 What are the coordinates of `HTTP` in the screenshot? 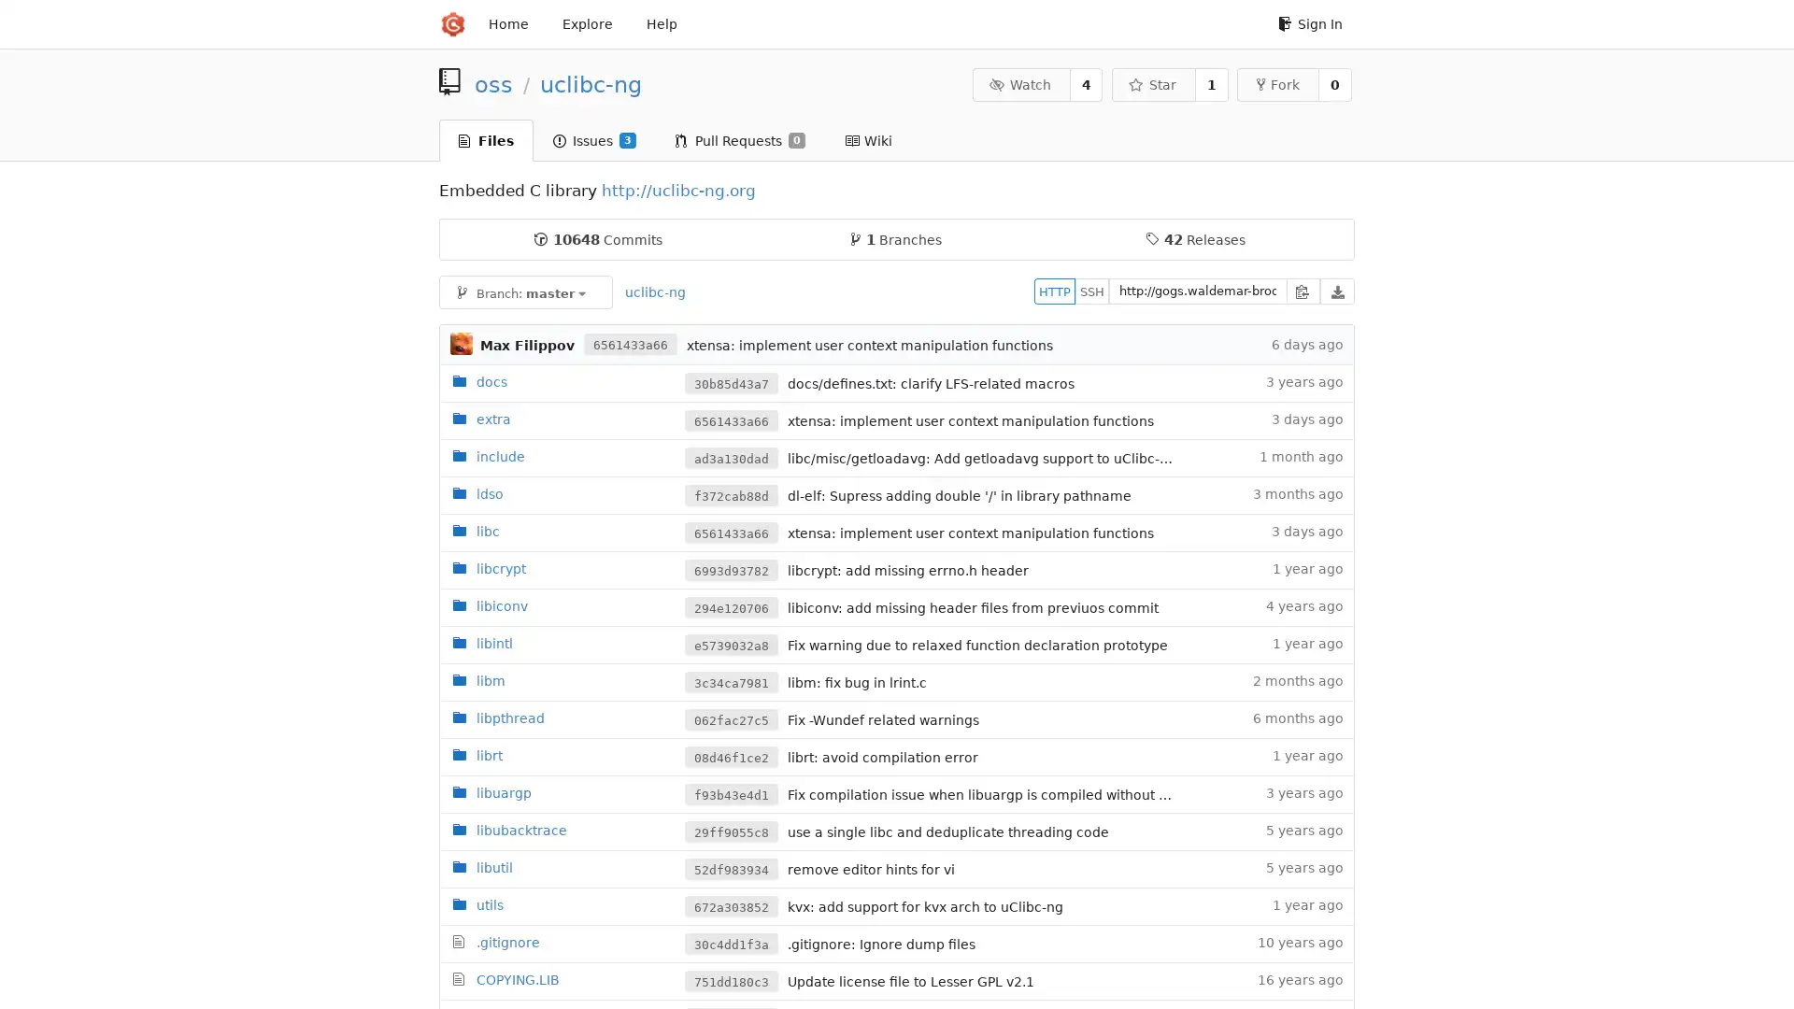 It's located at (1054, 291).